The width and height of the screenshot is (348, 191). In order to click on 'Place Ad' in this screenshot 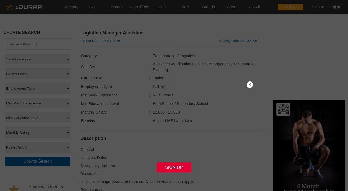, I will do `click(290, 7)`.